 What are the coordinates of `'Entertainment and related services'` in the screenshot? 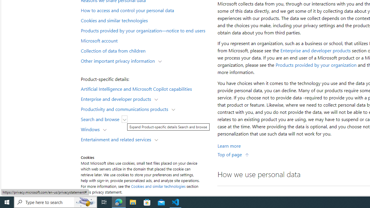 It's located at (117, 139).